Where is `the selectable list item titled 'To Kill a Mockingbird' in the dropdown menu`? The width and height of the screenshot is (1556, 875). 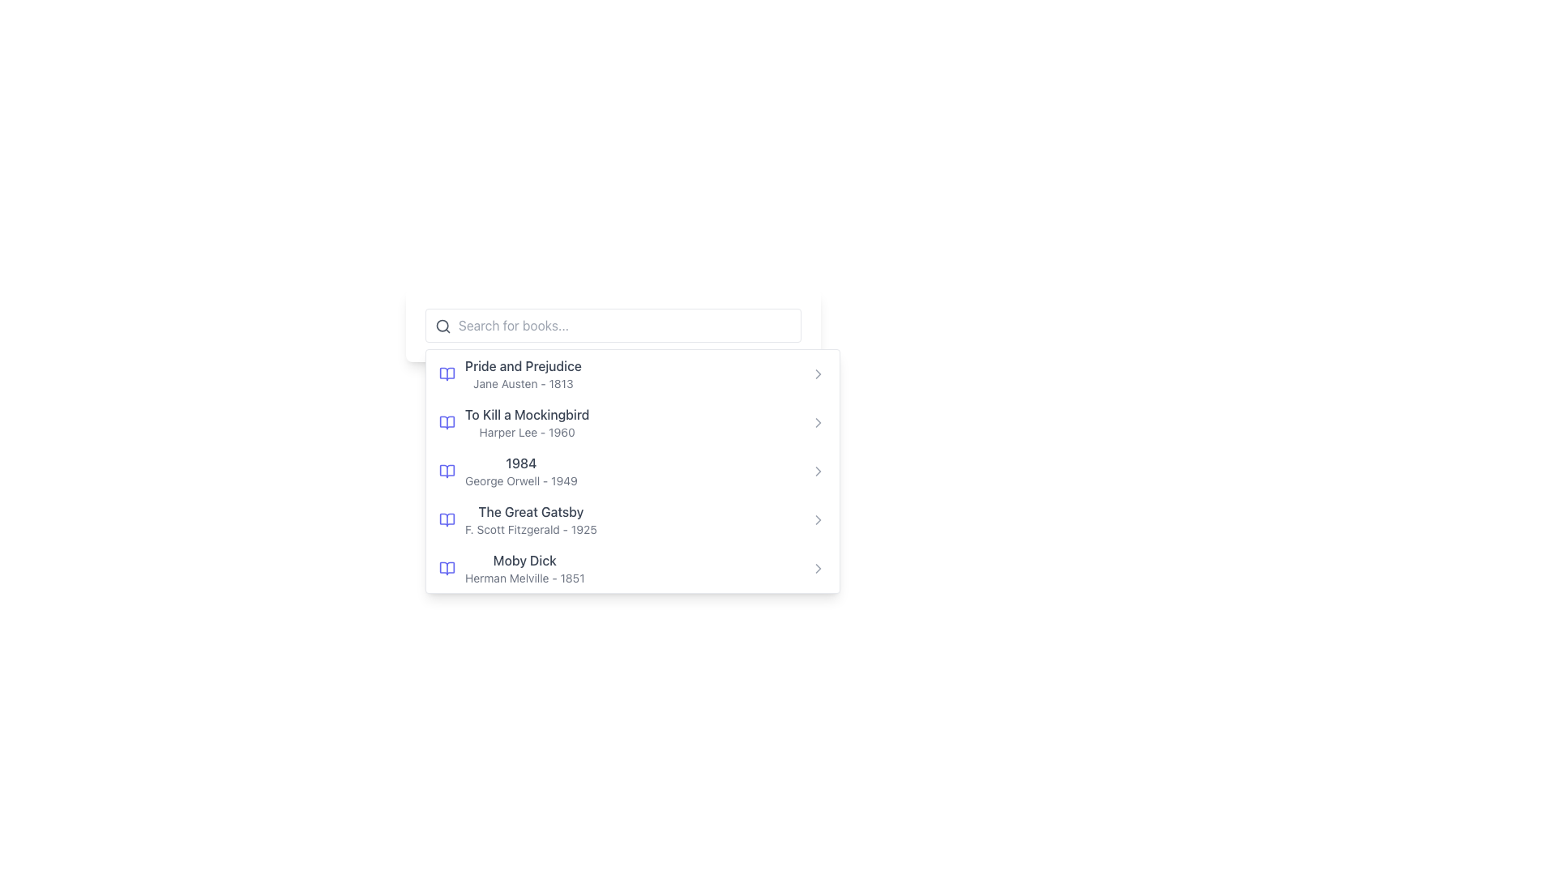 the selectable list item titled 'To Kill a Mockingbird' in the dropdown menu is located at coordinates (513, 421).